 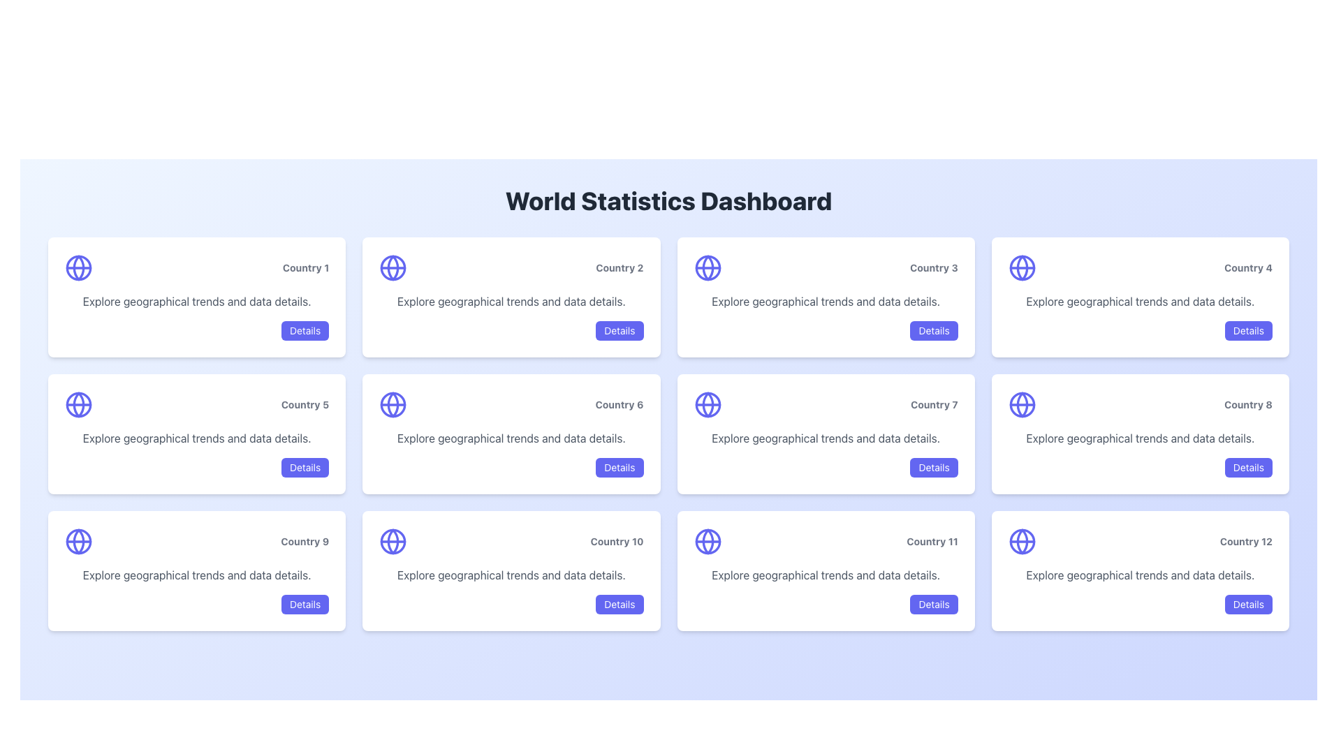 What do you see at coordinates (708, 540) in the screenshot?
I see `the indigo globe icon located inside the 'Country 11' card in the fourth row and second column of the grid layout` at bounding box center [708, 540].